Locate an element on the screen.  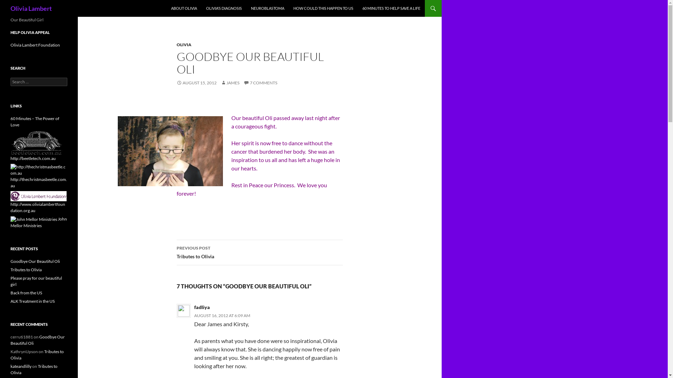
'NEUROBLASTOMA' is located at coordinates (267, 8).